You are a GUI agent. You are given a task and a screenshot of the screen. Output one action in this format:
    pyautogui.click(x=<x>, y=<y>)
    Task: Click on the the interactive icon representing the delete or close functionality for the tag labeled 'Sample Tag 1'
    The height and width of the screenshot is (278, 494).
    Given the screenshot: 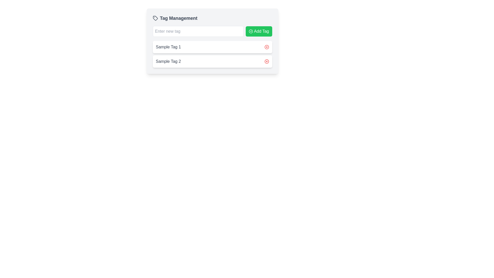 What is the action you would take?
    pyautogui.click(x=267, y=47)
    